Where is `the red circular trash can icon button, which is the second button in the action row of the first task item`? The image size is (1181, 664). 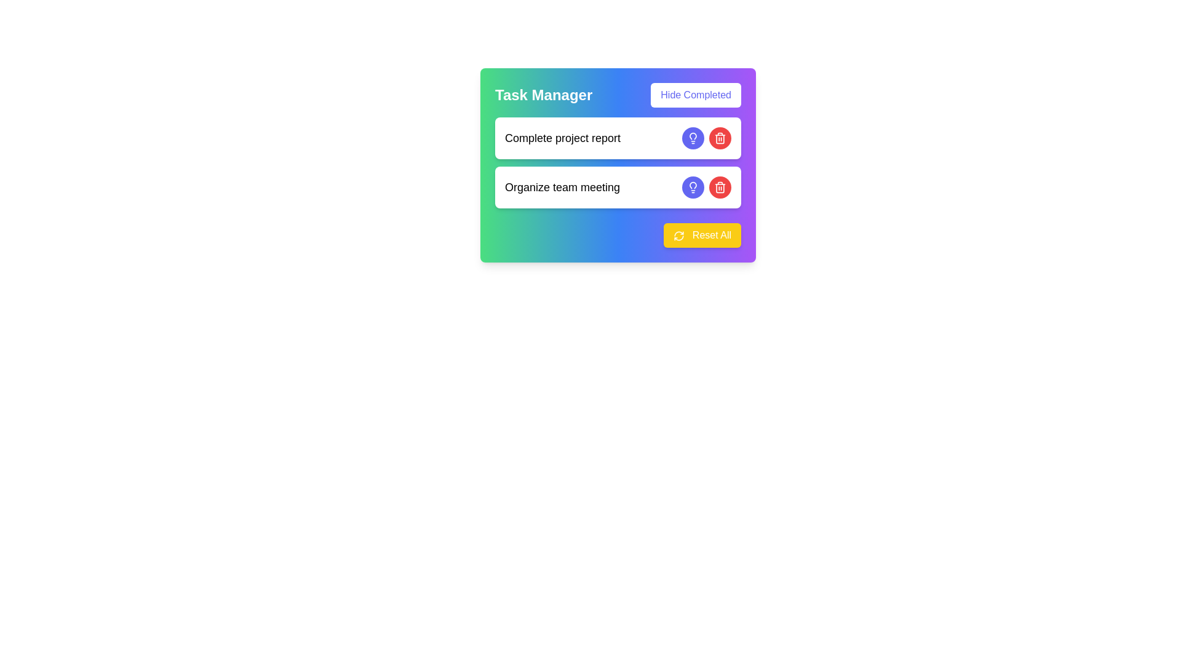 the red circular trash can icon button, which is the second button in the action row of the first task item is located at coordinates (720, 187).